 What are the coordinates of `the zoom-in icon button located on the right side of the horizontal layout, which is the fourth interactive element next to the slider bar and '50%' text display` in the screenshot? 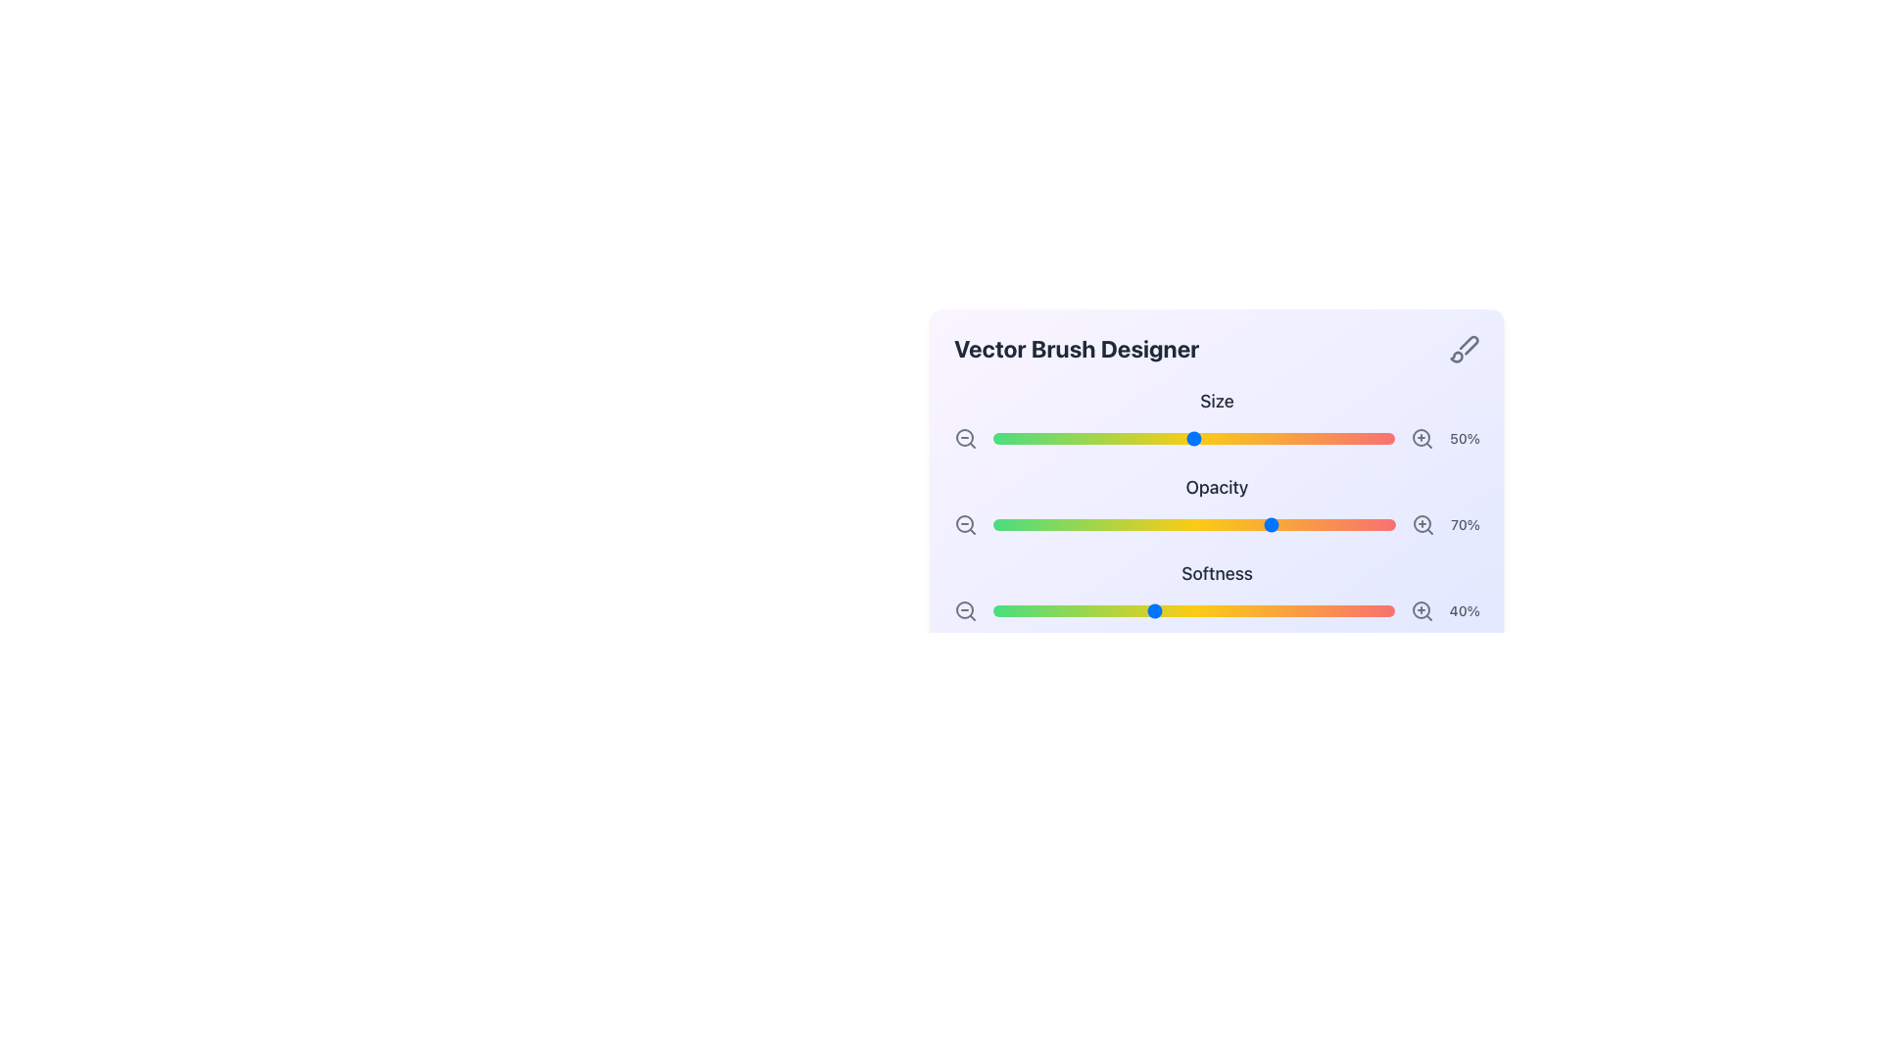 It's located at (1423, 437).